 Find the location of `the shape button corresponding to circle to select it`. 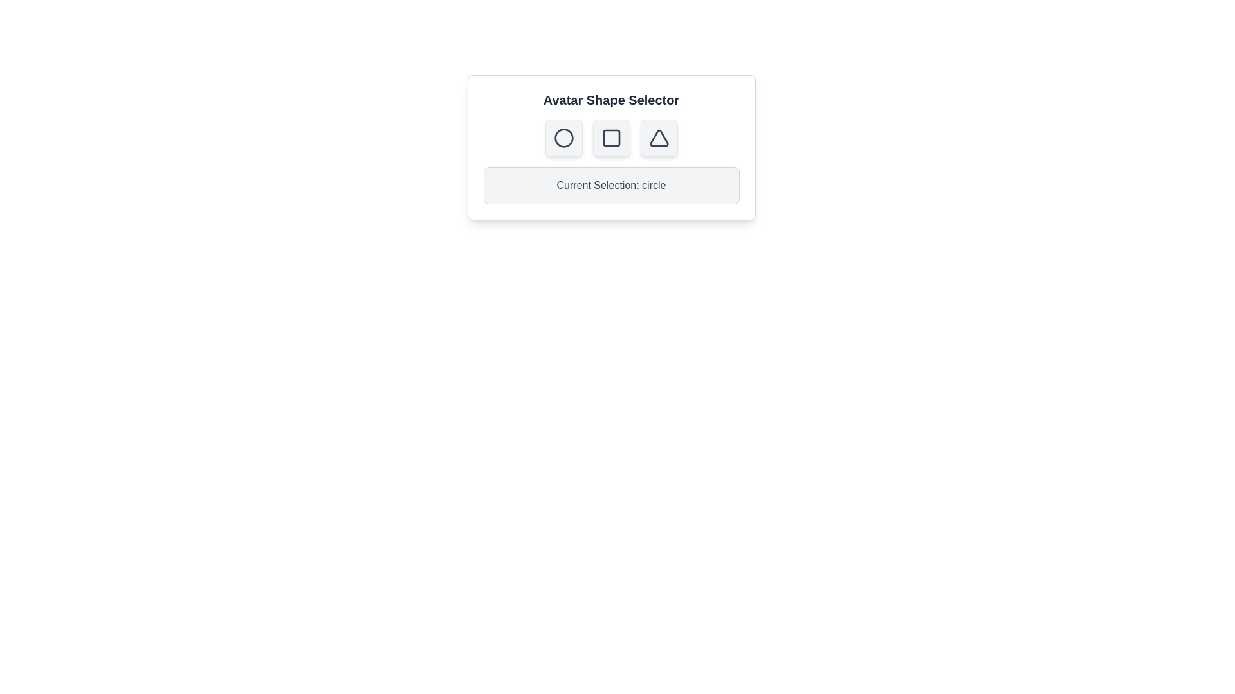

the shape button corresponding to circle to select it is located at coordinates (563, 138).